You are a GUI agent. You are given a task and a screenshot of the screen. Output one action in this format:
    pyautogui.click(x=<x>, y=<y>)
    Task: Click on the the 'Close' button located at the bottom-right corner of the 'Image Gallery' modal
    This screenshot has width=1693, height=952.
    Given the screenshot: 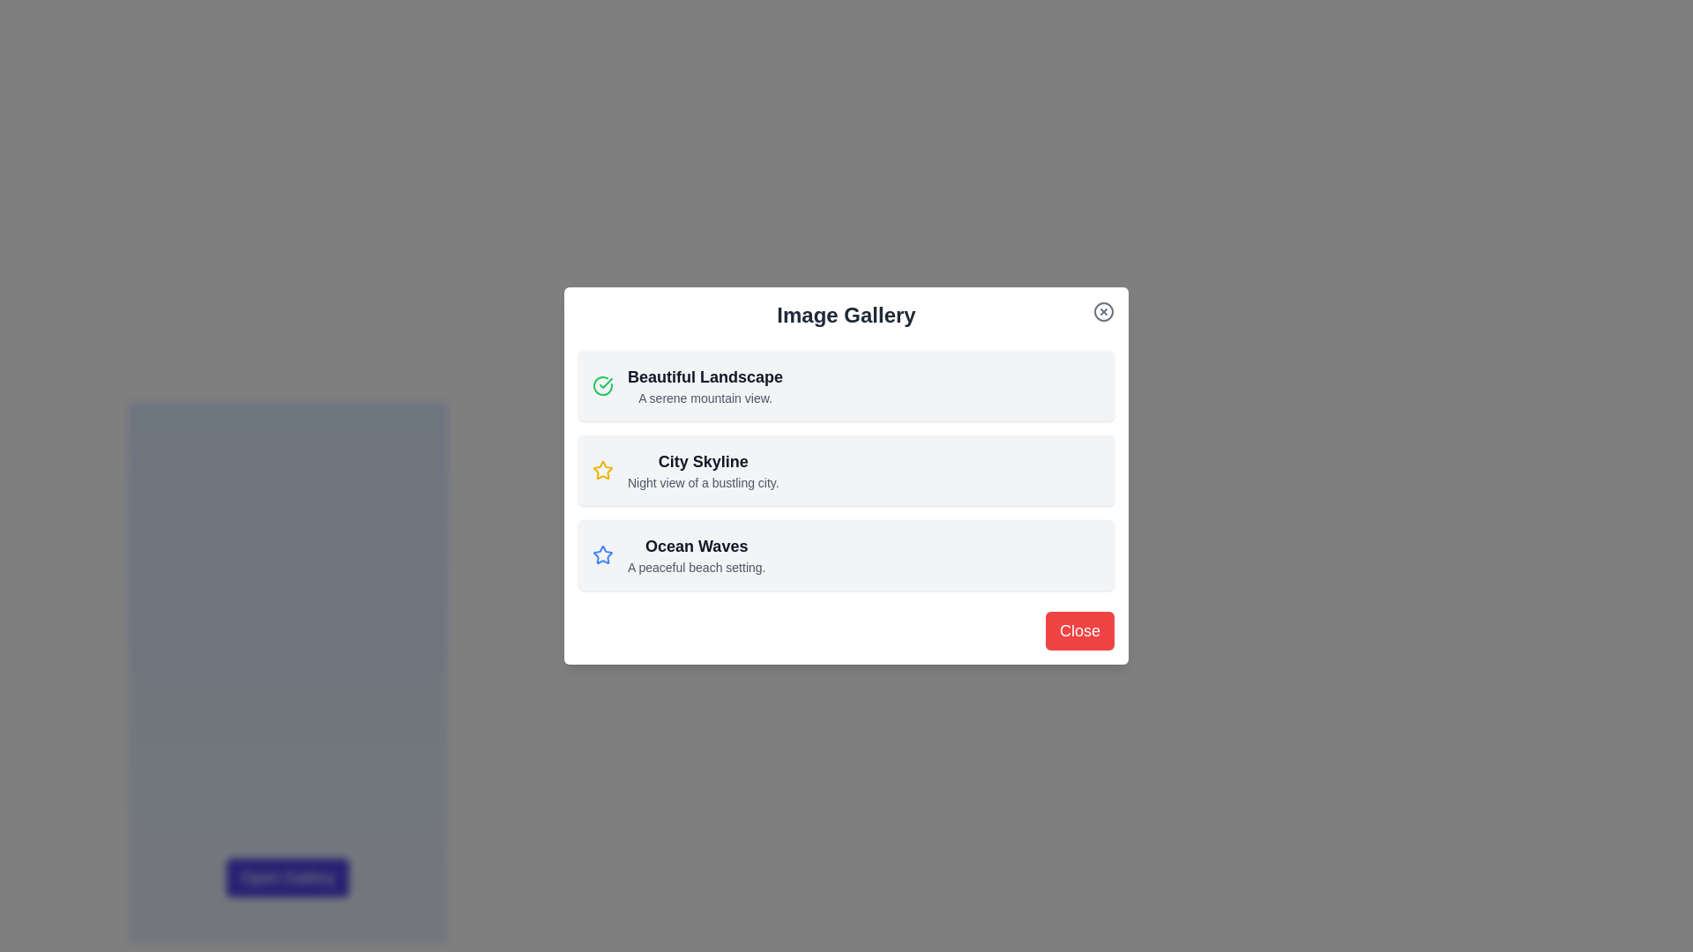 What is the action you would take?
    pyautogui.click(x=1078, y=630)
    